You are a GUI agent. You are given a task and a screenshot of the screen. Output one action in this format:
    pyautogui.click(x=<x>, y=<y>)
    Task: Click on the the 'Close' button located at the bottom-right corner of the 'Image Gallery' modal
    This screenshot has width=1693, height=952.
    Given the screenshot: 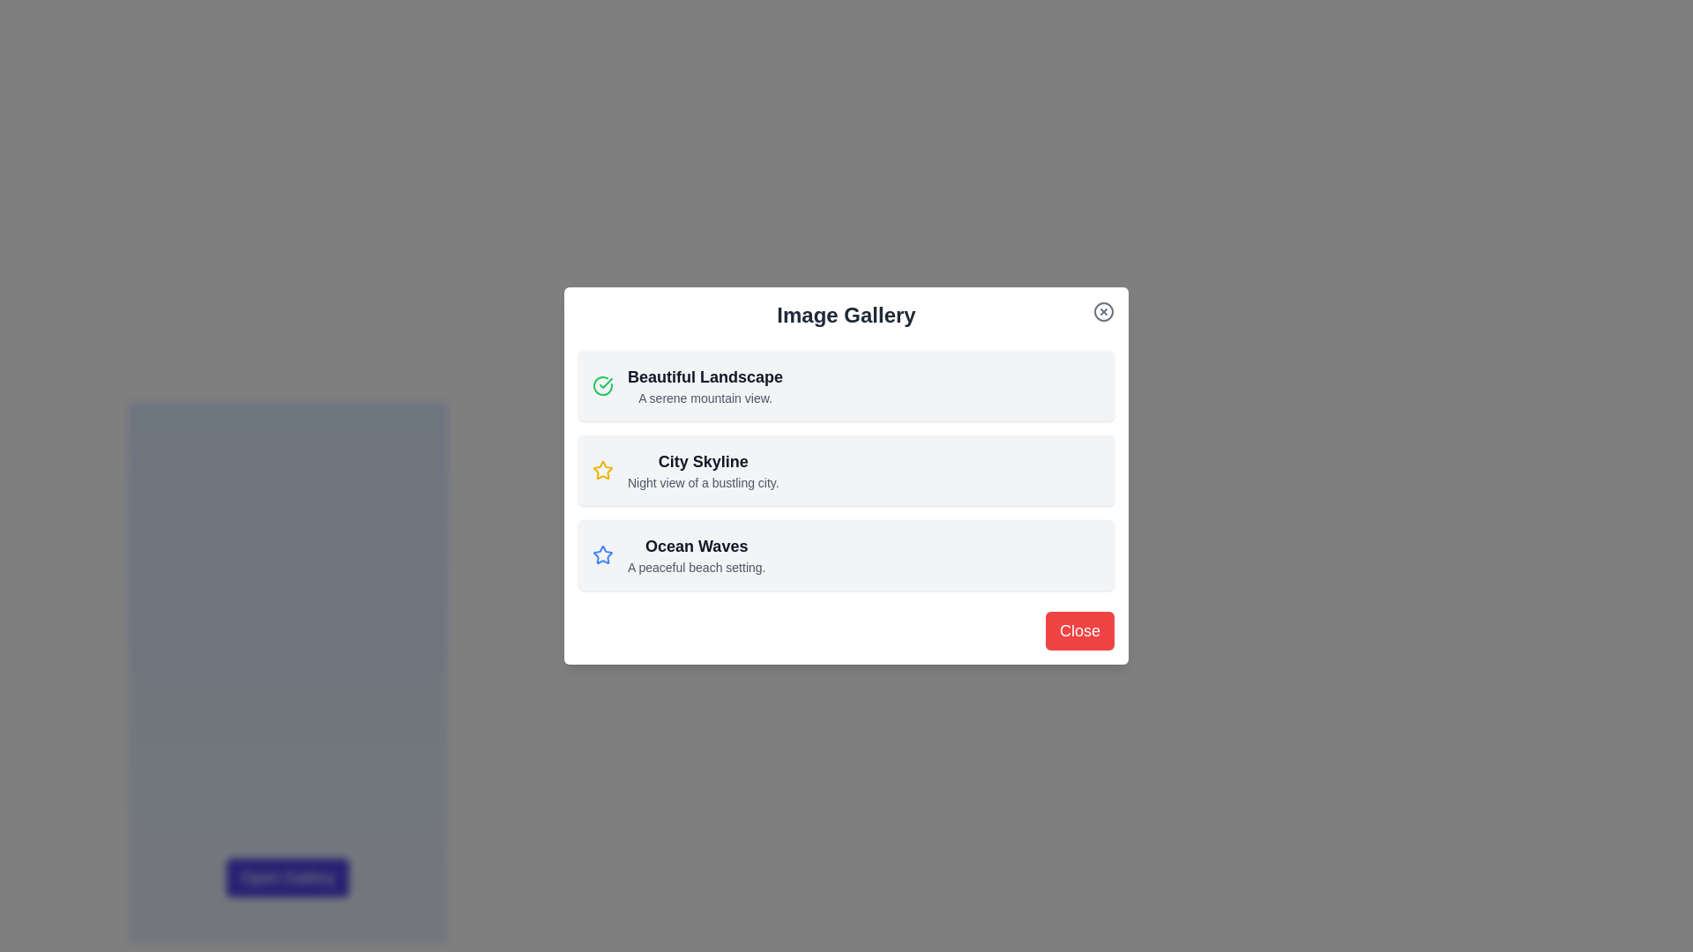 What is the action you would take?
    pyautogui.click(x=1078, y=630)
    